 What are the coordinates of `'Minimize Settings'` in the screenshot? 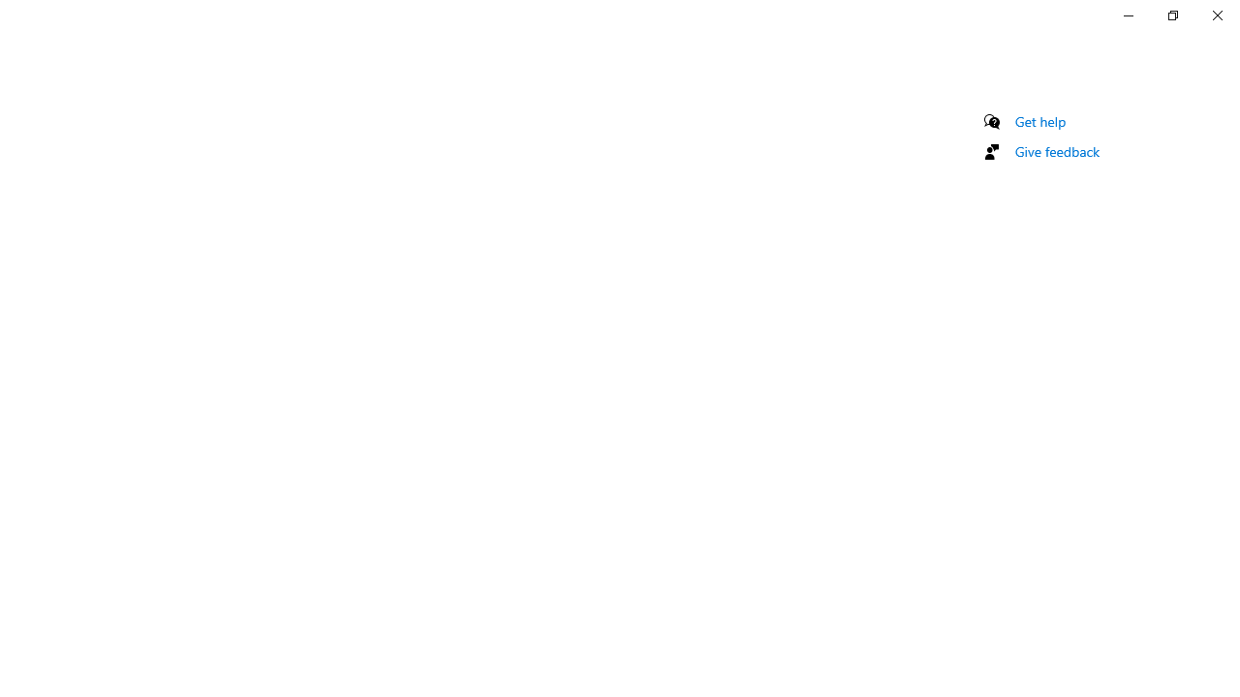 It's located at (1128, 15).